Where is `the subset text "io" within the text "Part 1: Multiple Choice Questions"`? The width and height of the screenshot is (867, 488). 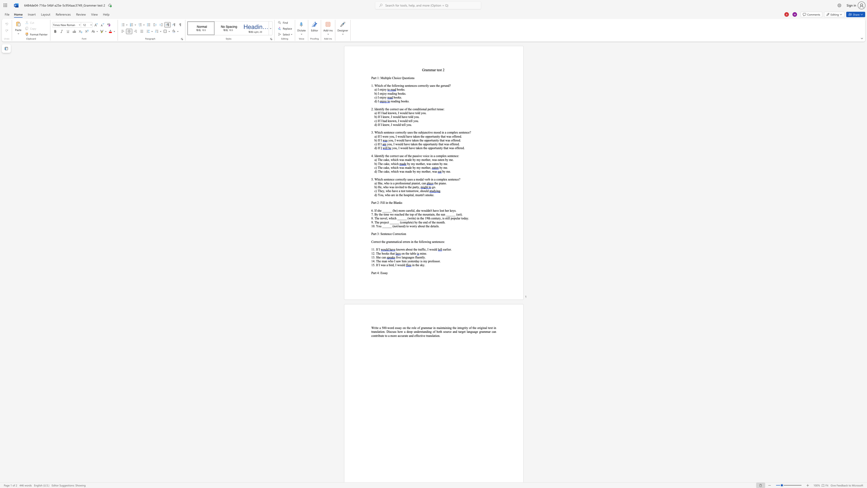
the subset text "io" within the text "Part 1: Multiple Choice Questions" is located at coordinates (409, 77).